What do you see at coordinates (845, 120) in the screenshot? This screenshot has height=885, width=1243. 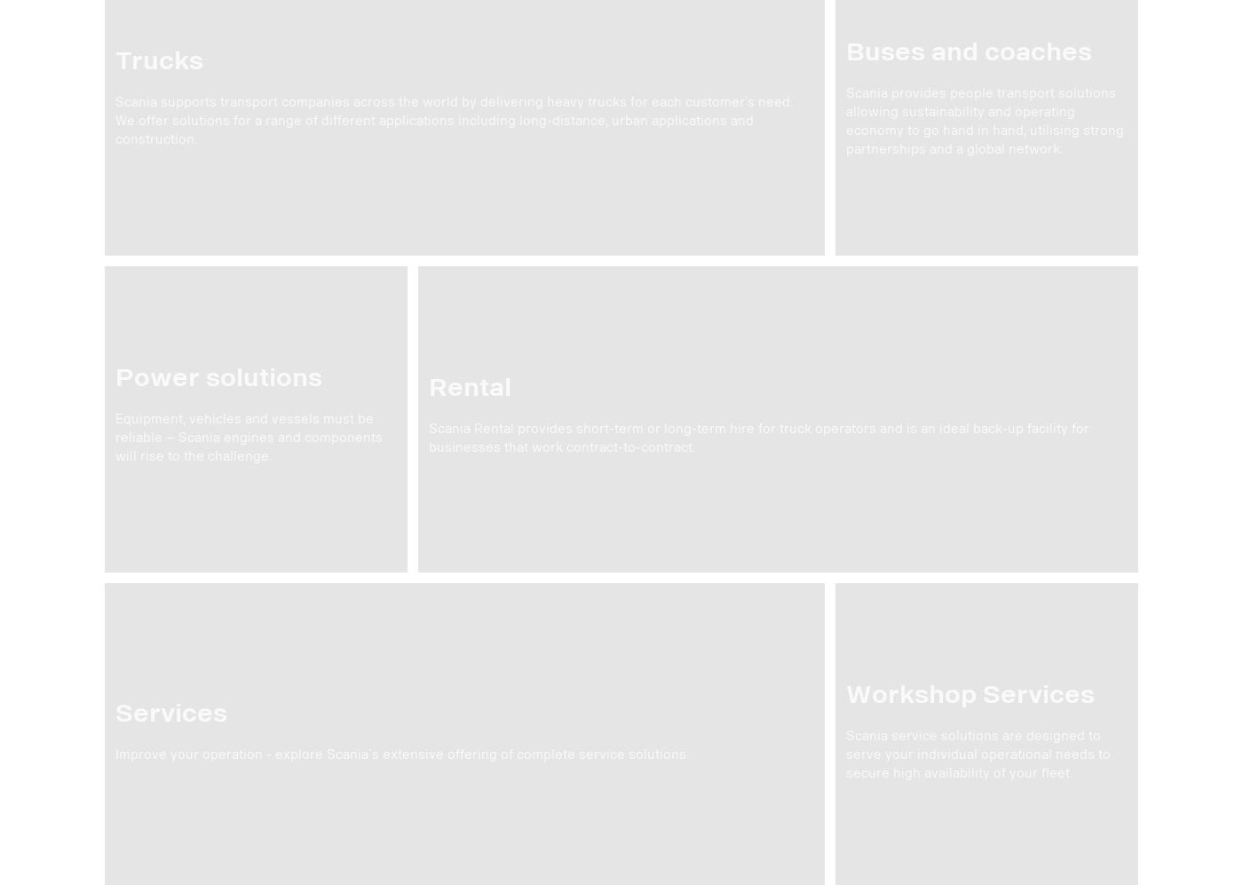 I see `'Scania provides people transport solutions allowing sustainability and operating economy to go hand in hand, utilising strong partnerships and a global network.'` at bounding box center [845, 120].